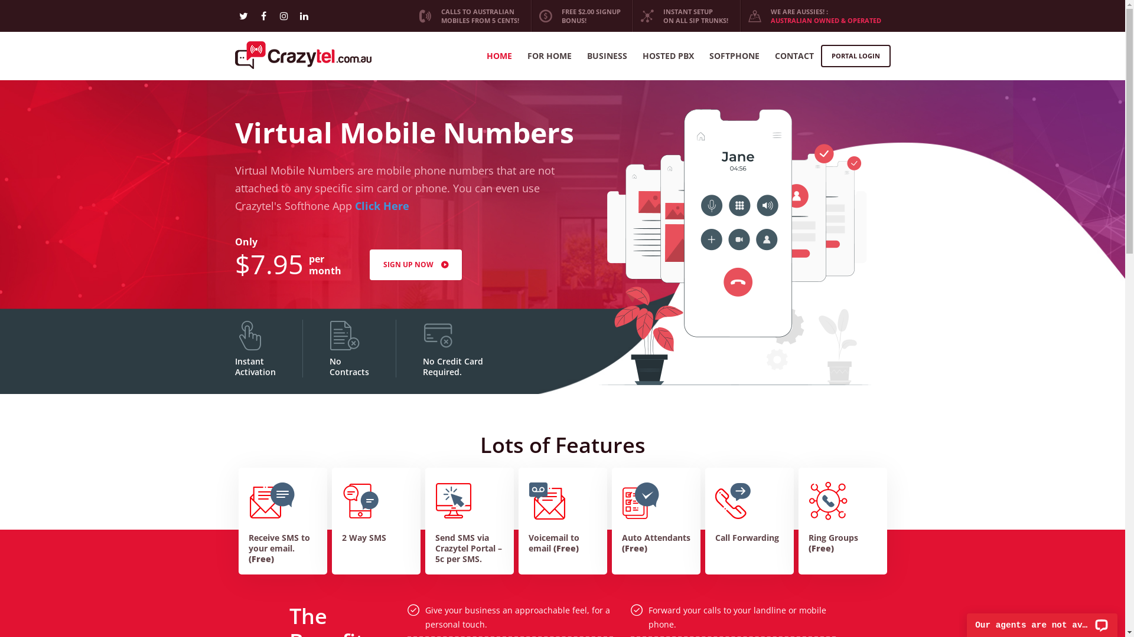 The height and width of the screenshot is (637, 1134). What do you see at coordinates (814, 16) in the screenshot?
I see `'WE ARE AUSSIES! :` at bounding box center [814, 16].